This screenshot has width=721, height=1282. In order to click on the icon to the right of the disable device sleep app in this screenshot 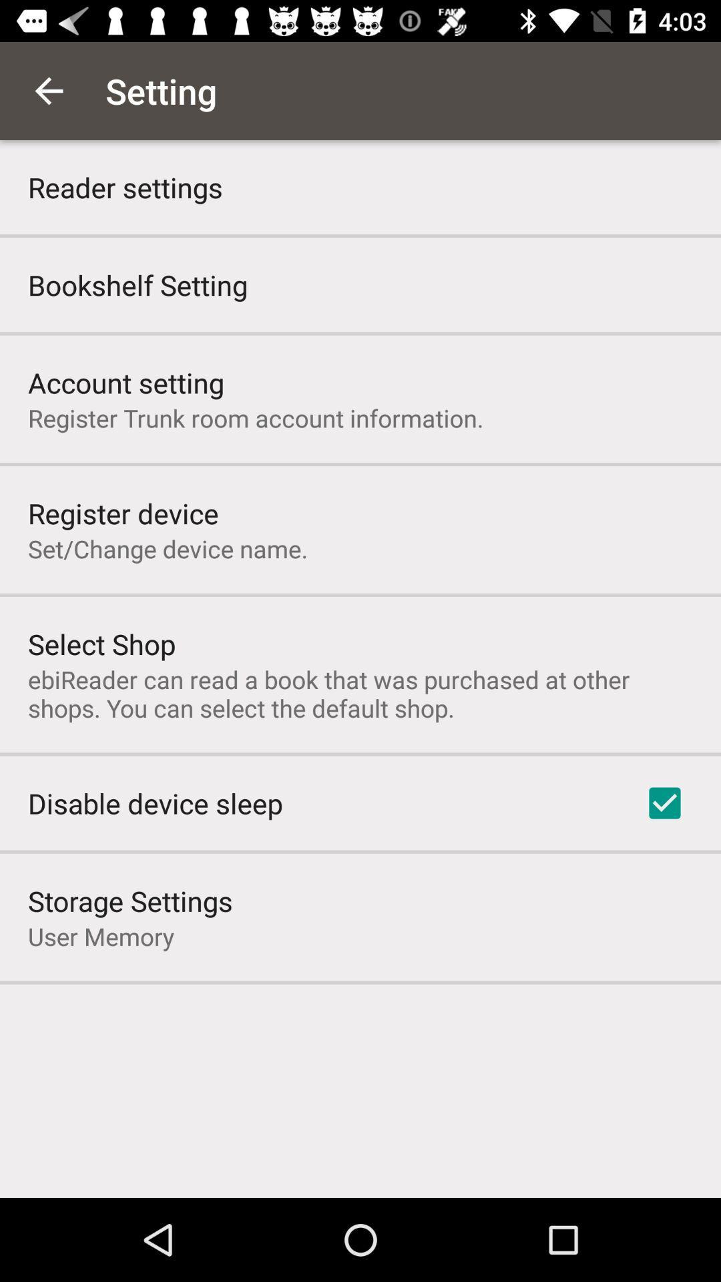, I will do `click(664, 803)`.